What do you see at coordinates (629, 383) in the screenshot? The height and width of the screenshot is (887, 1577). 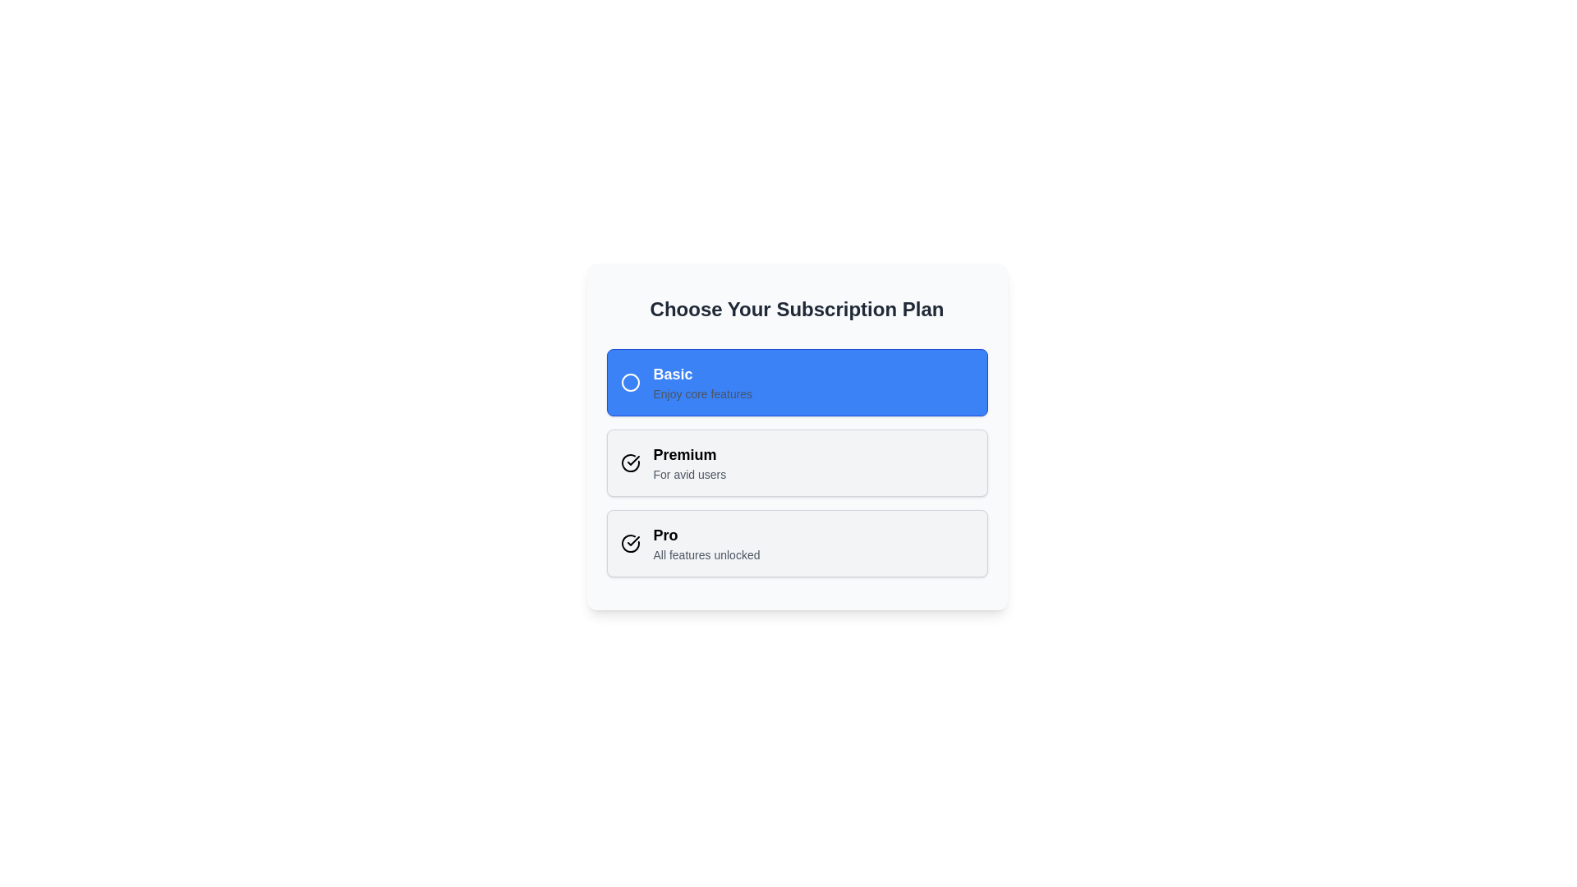 I see `the visual indicator for the 'Basic' subscription plan, which is the leftmost item in the first subscription option` at bounding box center [629, 383].